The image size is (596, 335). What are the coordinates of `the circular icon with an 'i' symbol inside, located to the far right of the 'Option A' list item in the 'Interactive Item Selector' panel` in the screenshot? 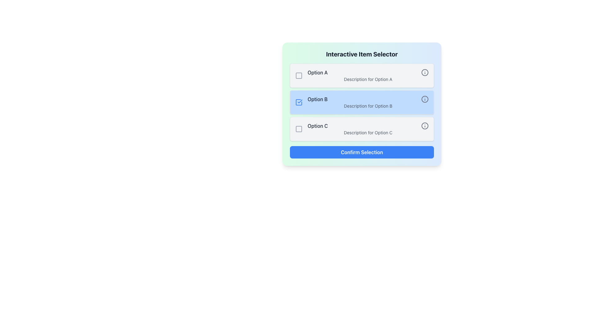 It's located at (424, 72).